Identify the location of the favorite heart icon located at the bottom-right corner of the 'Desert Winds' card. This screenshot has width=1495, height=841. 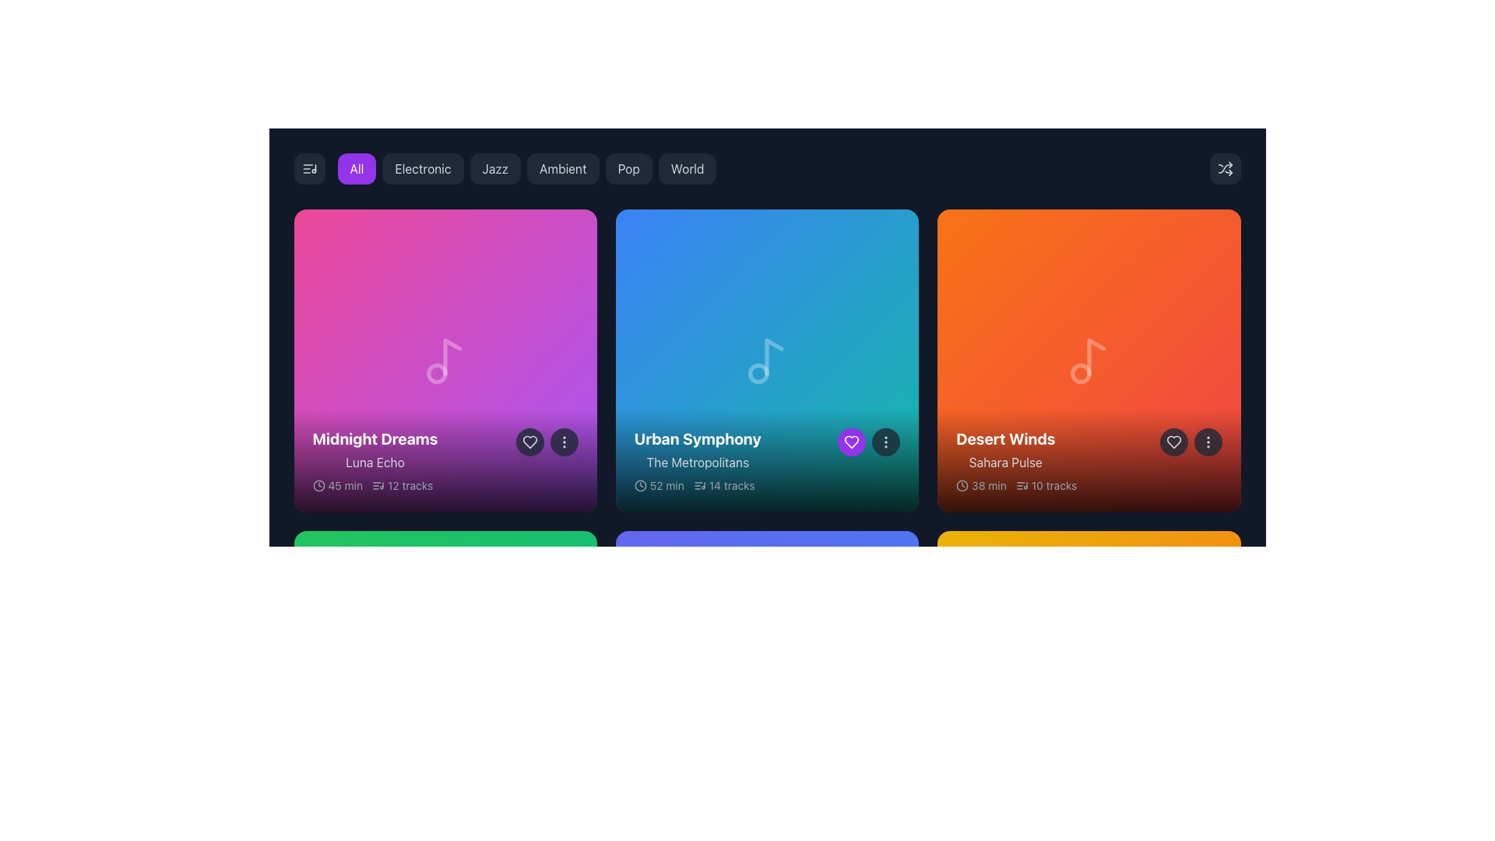
(1173, 442).